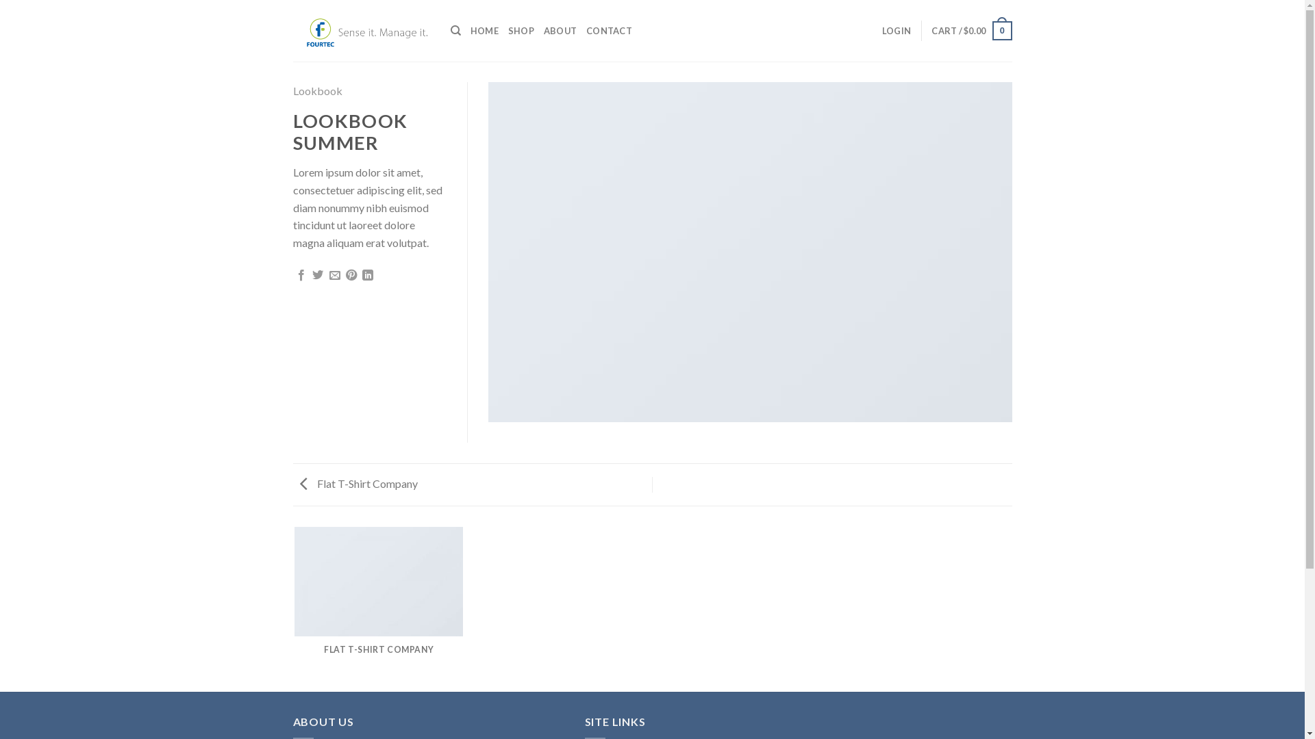 The width and height of the screenshot is (1315, 739). I want to click on 'Share on Twitter', so click(317, 275).